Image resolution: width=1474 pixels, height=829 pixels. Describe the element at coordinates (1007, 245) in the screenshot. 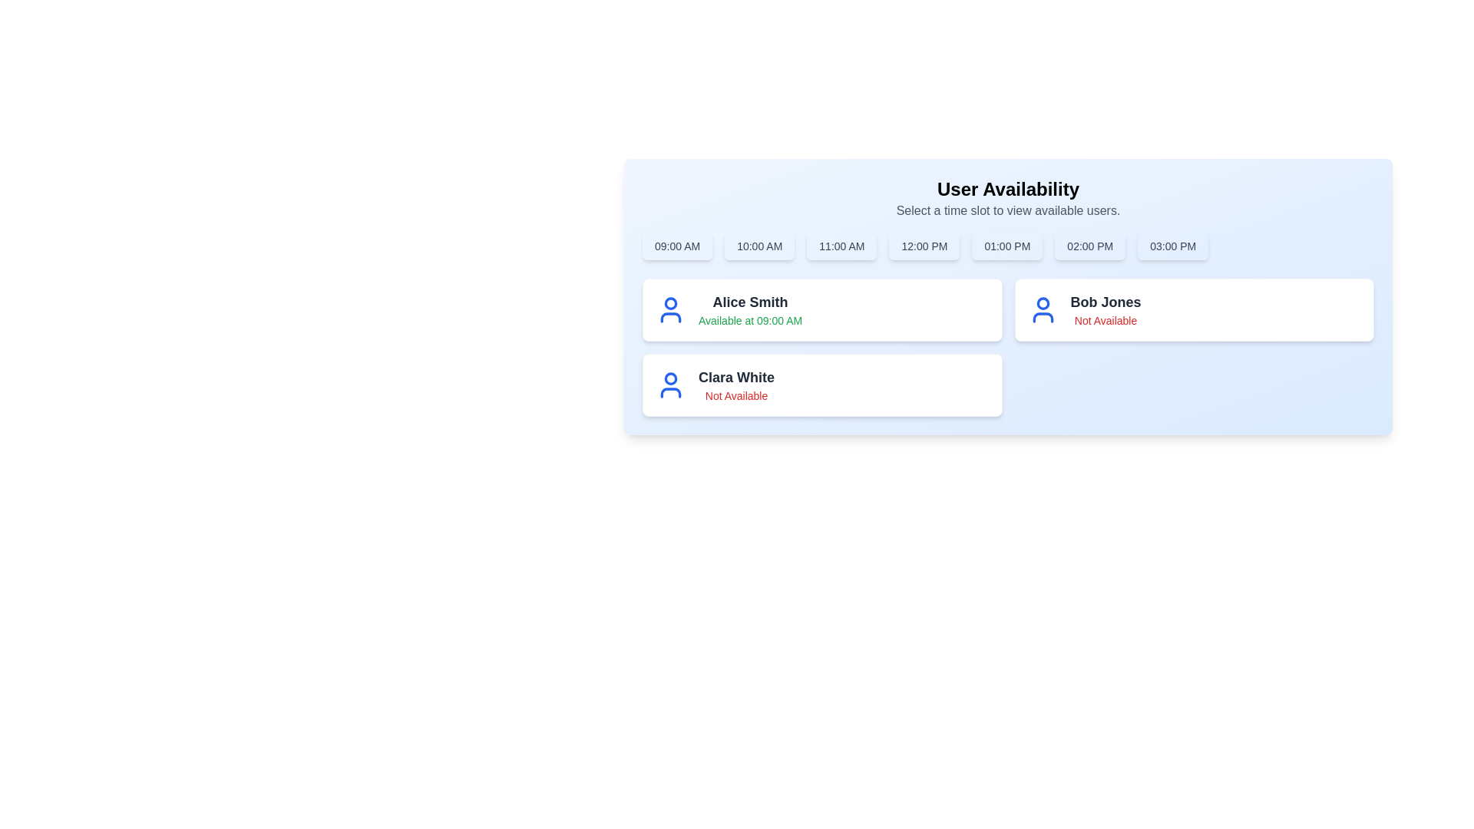

I see `the fifth button in the row of time slot buttons under the 'User Availability' header` at that location.